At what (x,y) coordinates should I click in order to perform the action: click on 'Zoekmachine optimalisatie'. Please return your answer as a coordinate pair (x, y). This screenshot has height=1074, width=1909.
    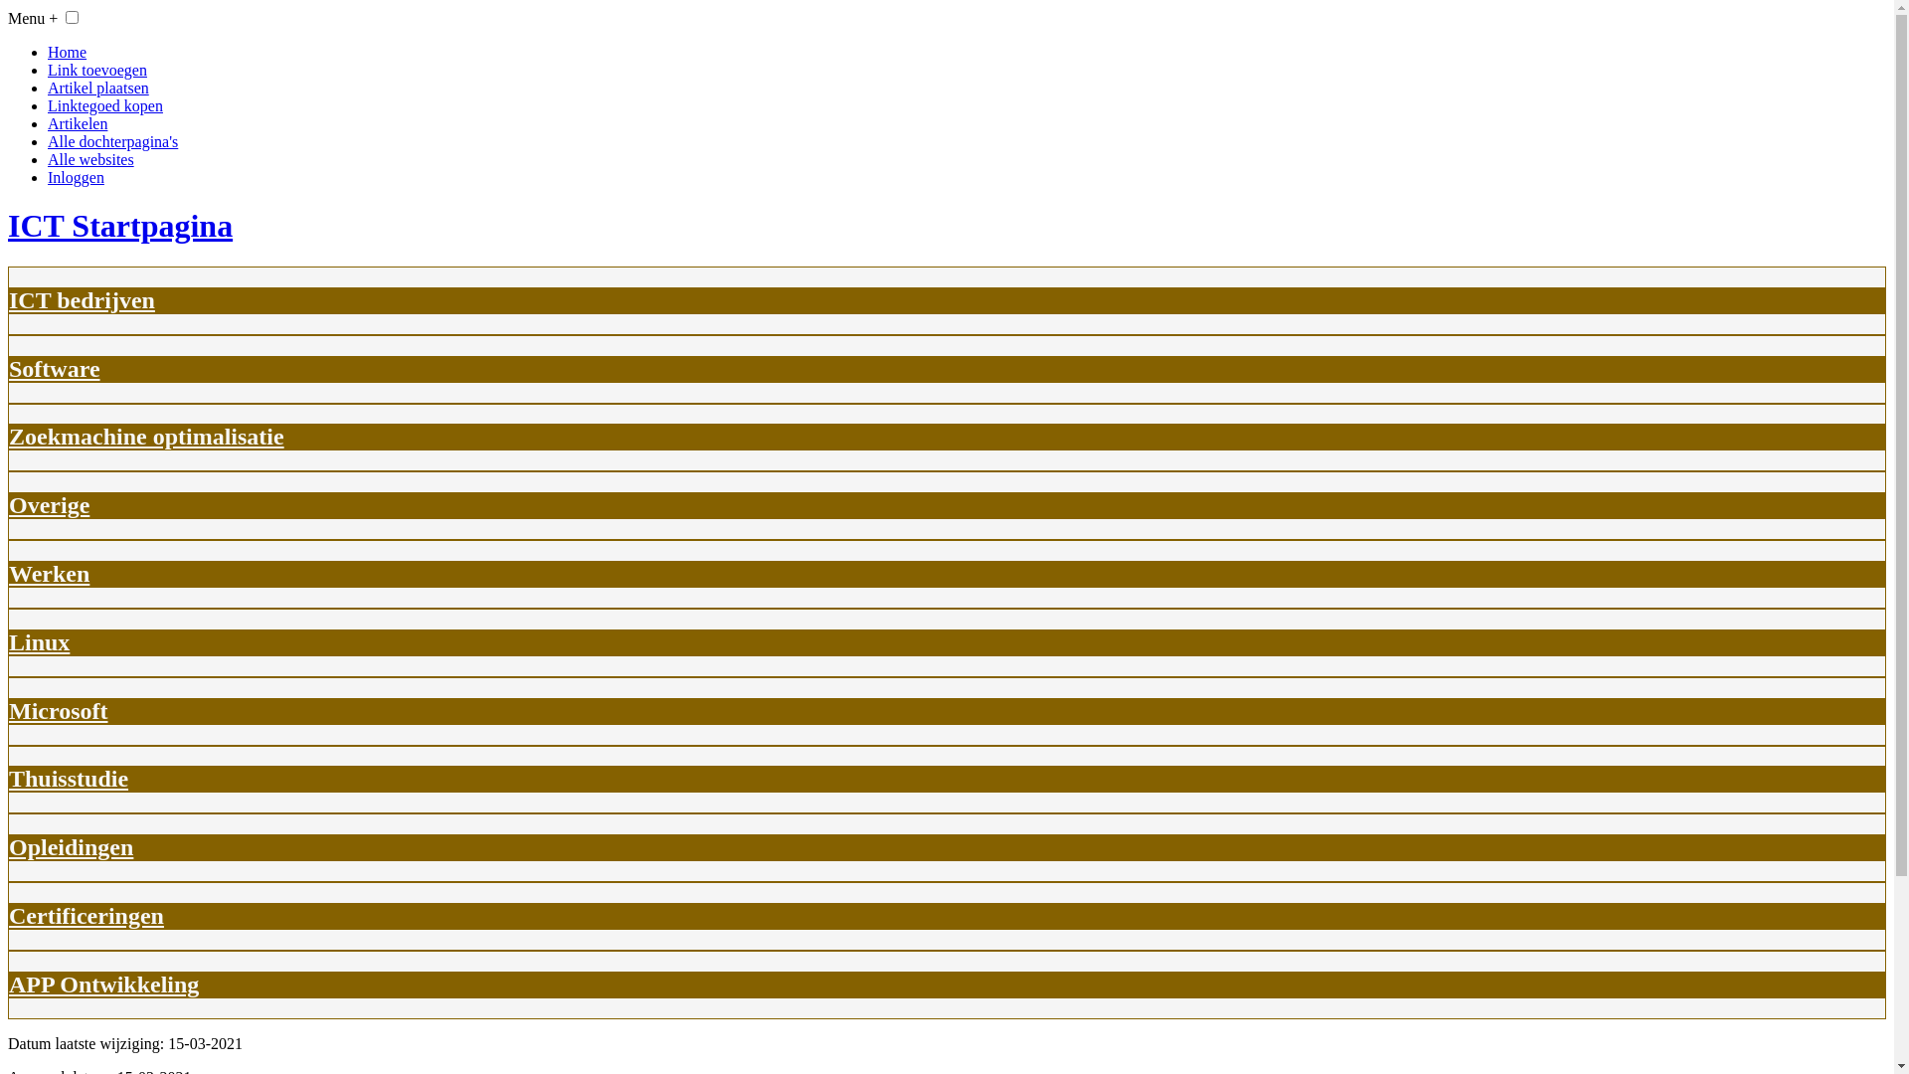
    Looking at the image, I should click on (9, 436).